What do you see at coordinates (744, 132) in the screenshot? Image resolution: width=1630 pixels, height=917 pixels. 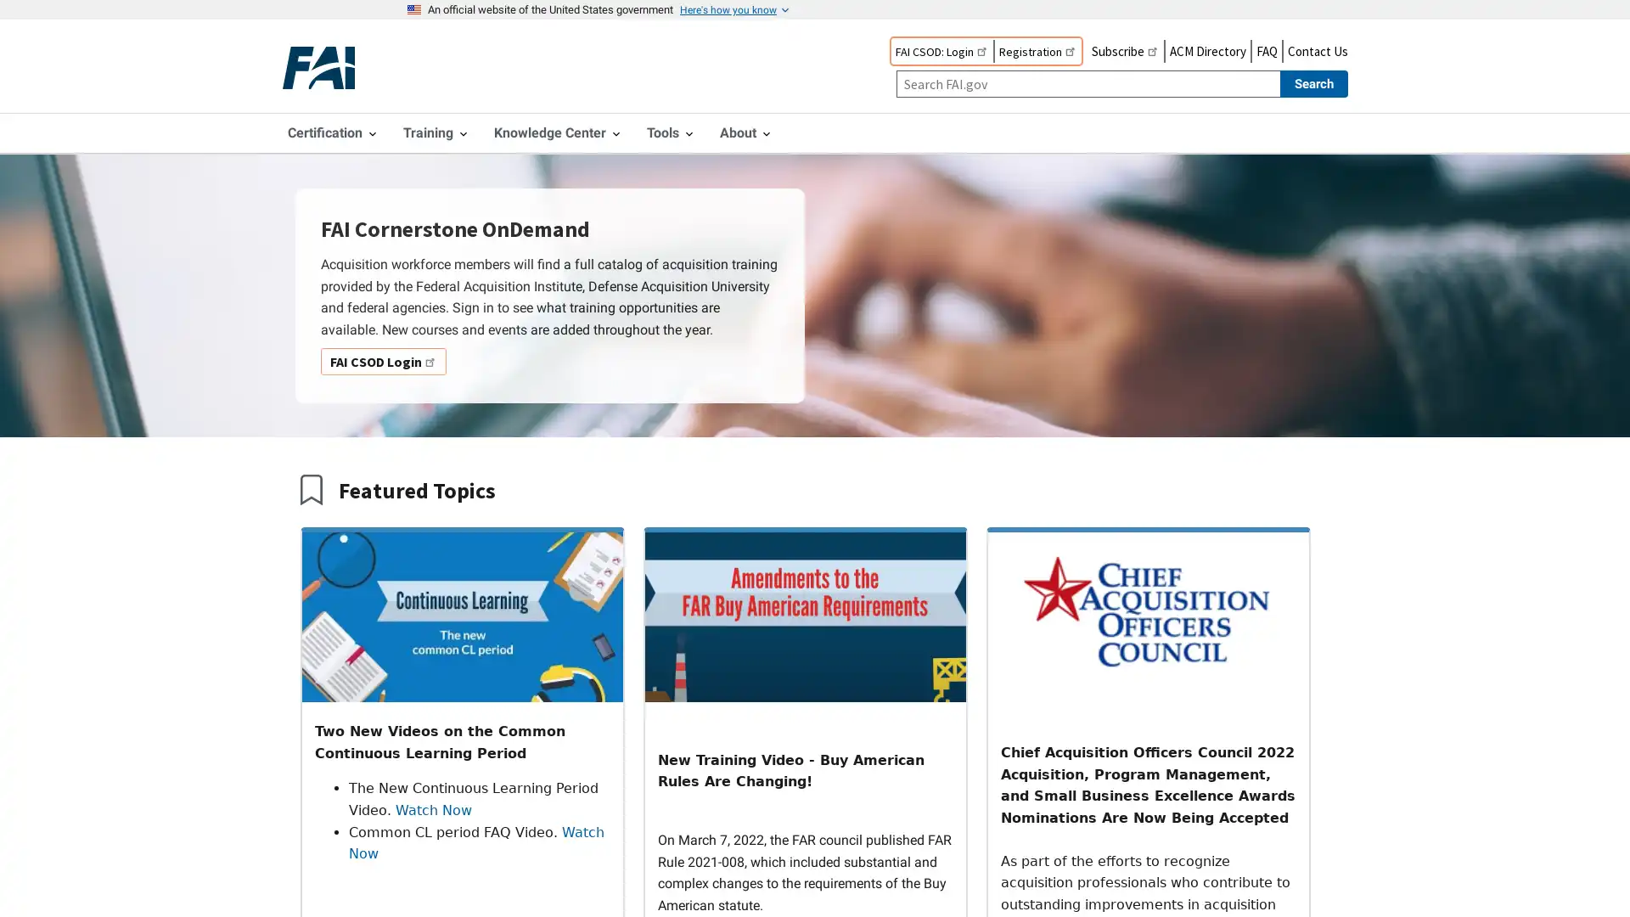 I see `About` at bounding box center [744, 132].